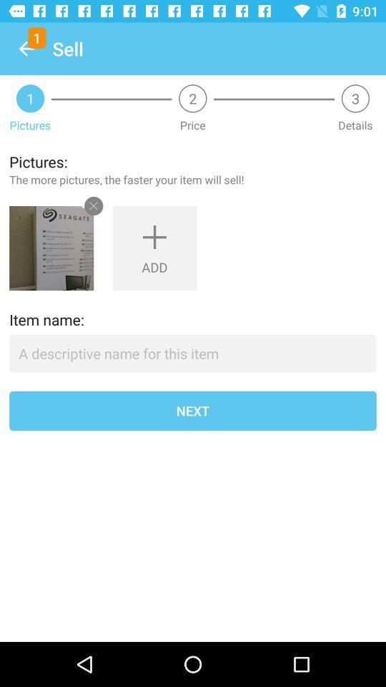 Image resolution: width=386 pixels, height=687 pixels. Describe the element at coordinates (193, 411) in the screenshot. I see `the next item` at that location.